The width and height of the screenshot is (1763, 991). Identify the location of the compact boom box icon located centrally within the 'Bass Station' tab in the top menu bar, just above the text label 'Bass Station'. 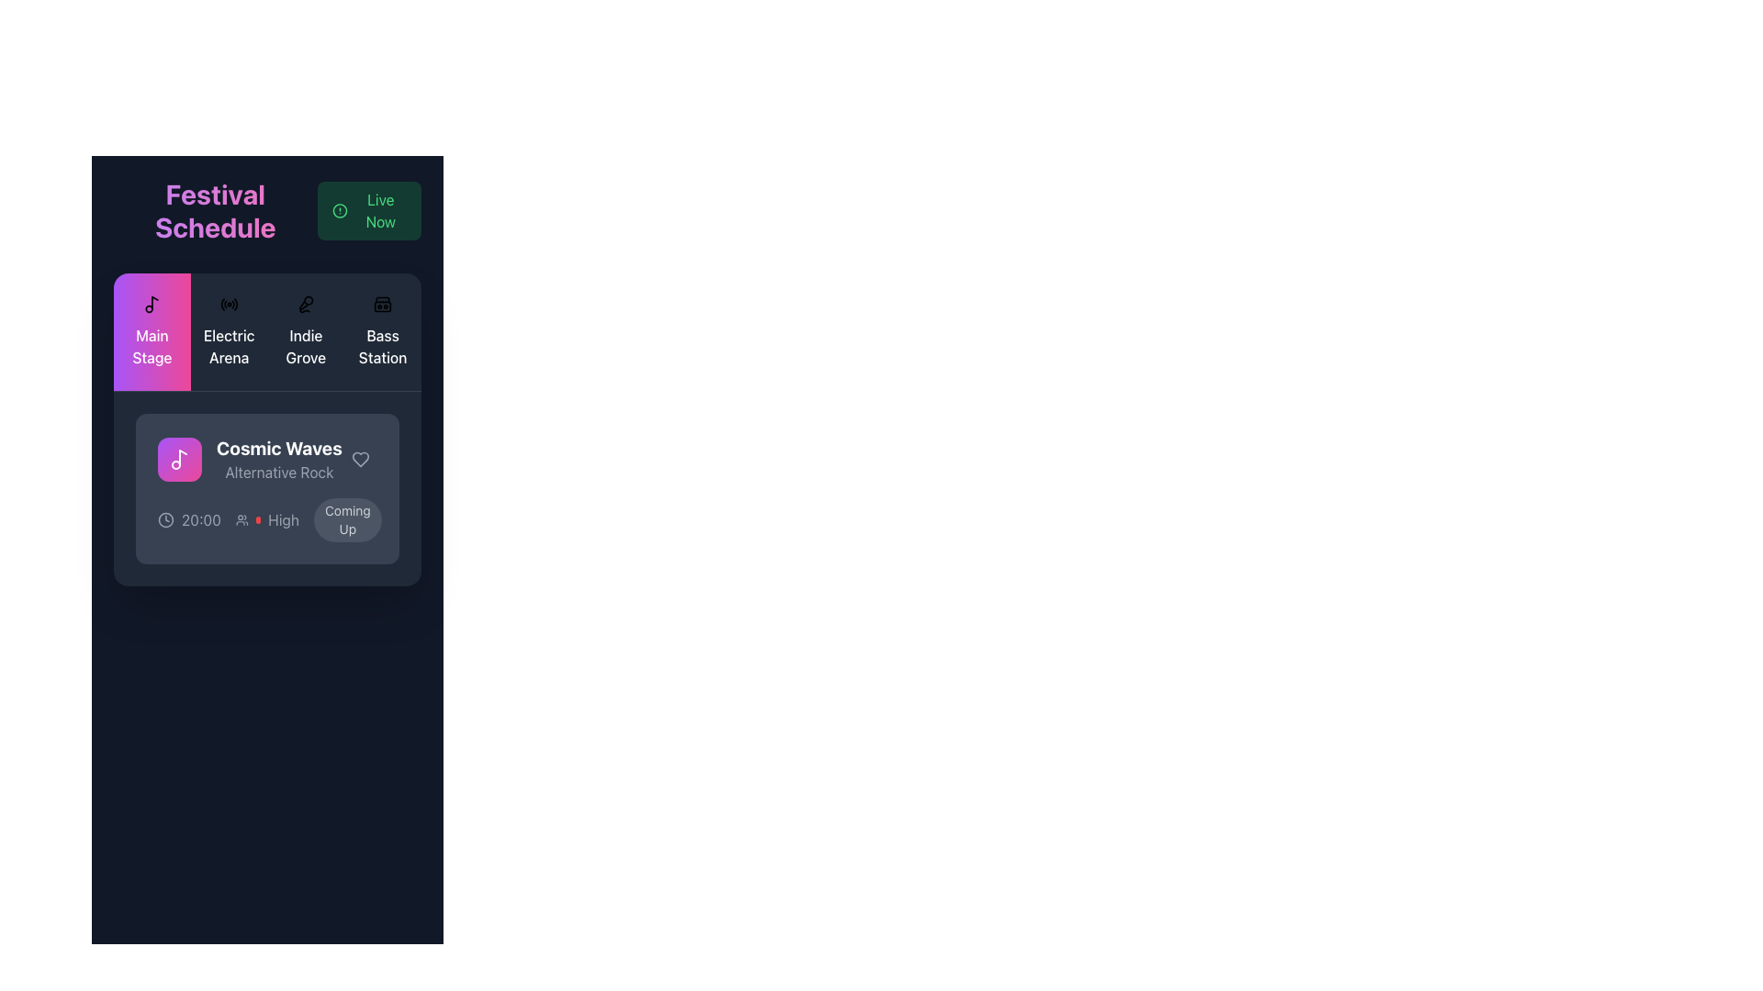
(382, 303).